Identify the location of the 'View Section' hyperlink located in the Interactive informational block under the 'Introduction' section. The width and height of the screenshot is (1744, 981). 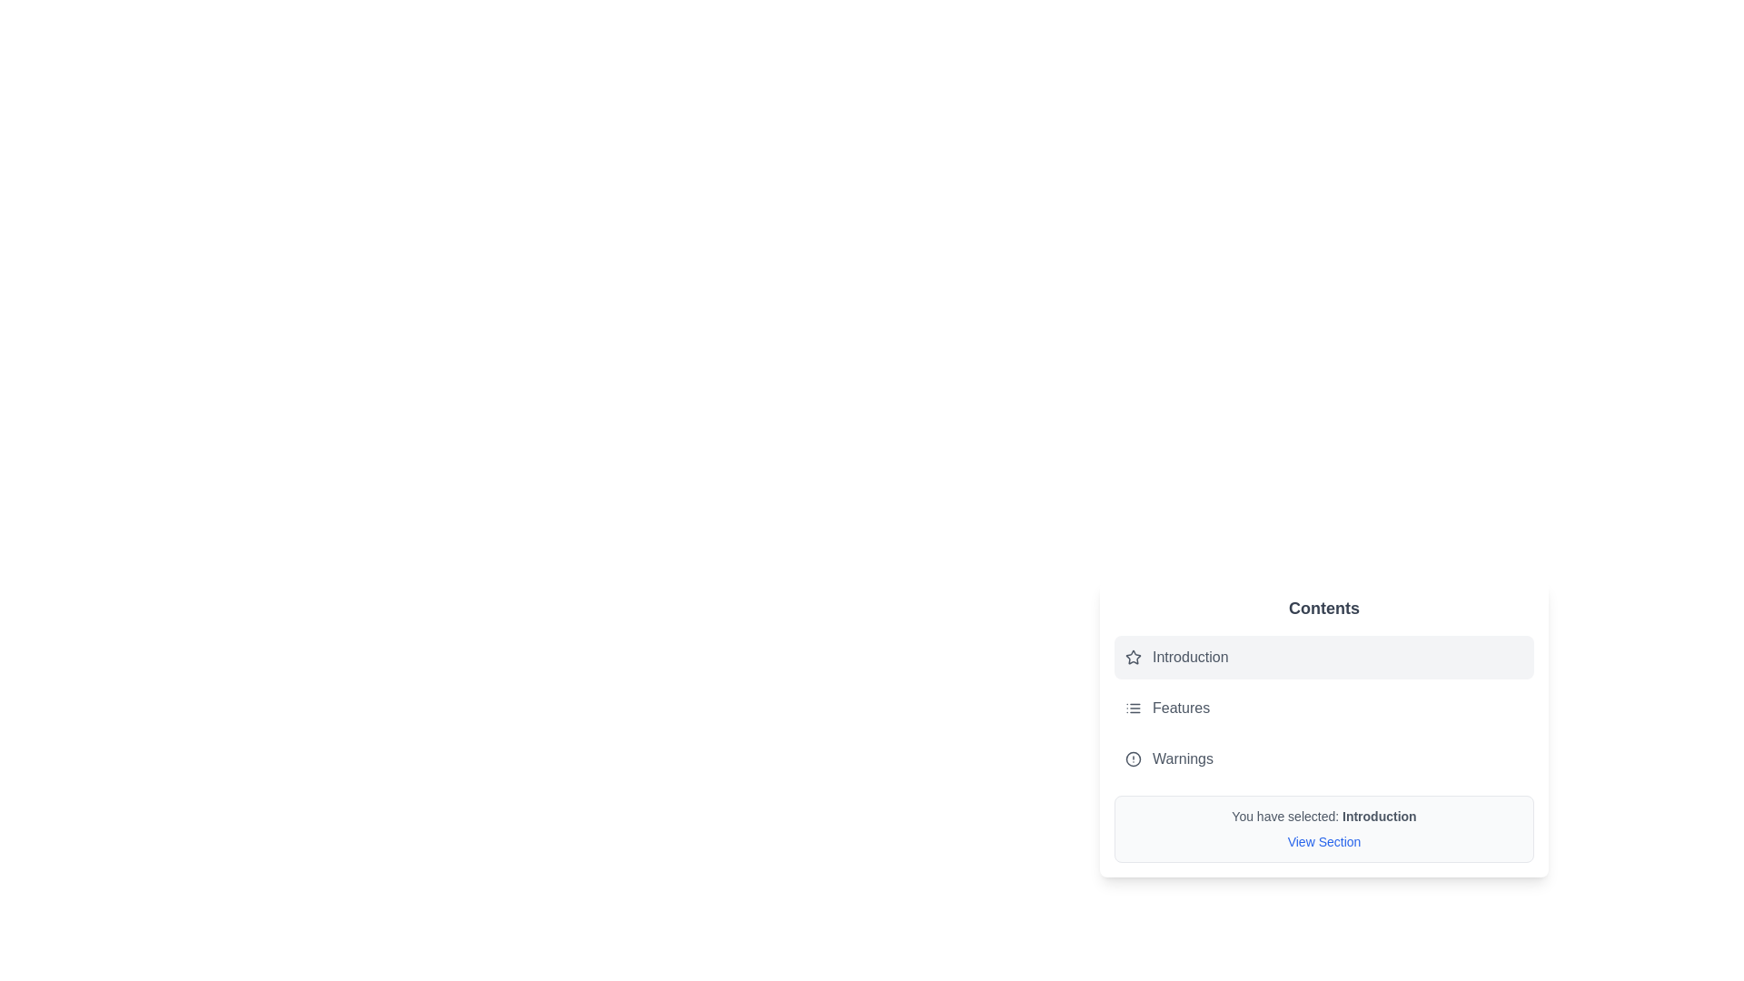
(1324, 829).